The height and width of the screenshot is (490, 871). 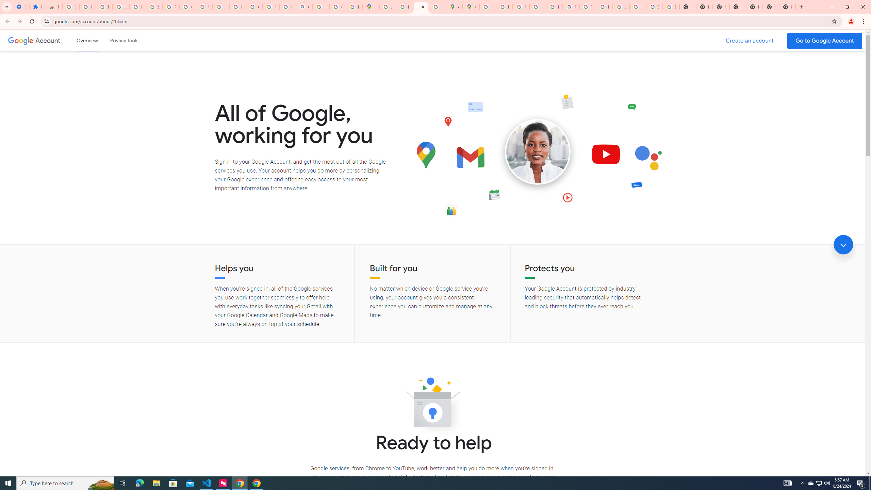 What do you see at coordinates (70, 6) in the screenshot?
I see `'Sign in - Google Accounts'` at bounding box center [70, 6].